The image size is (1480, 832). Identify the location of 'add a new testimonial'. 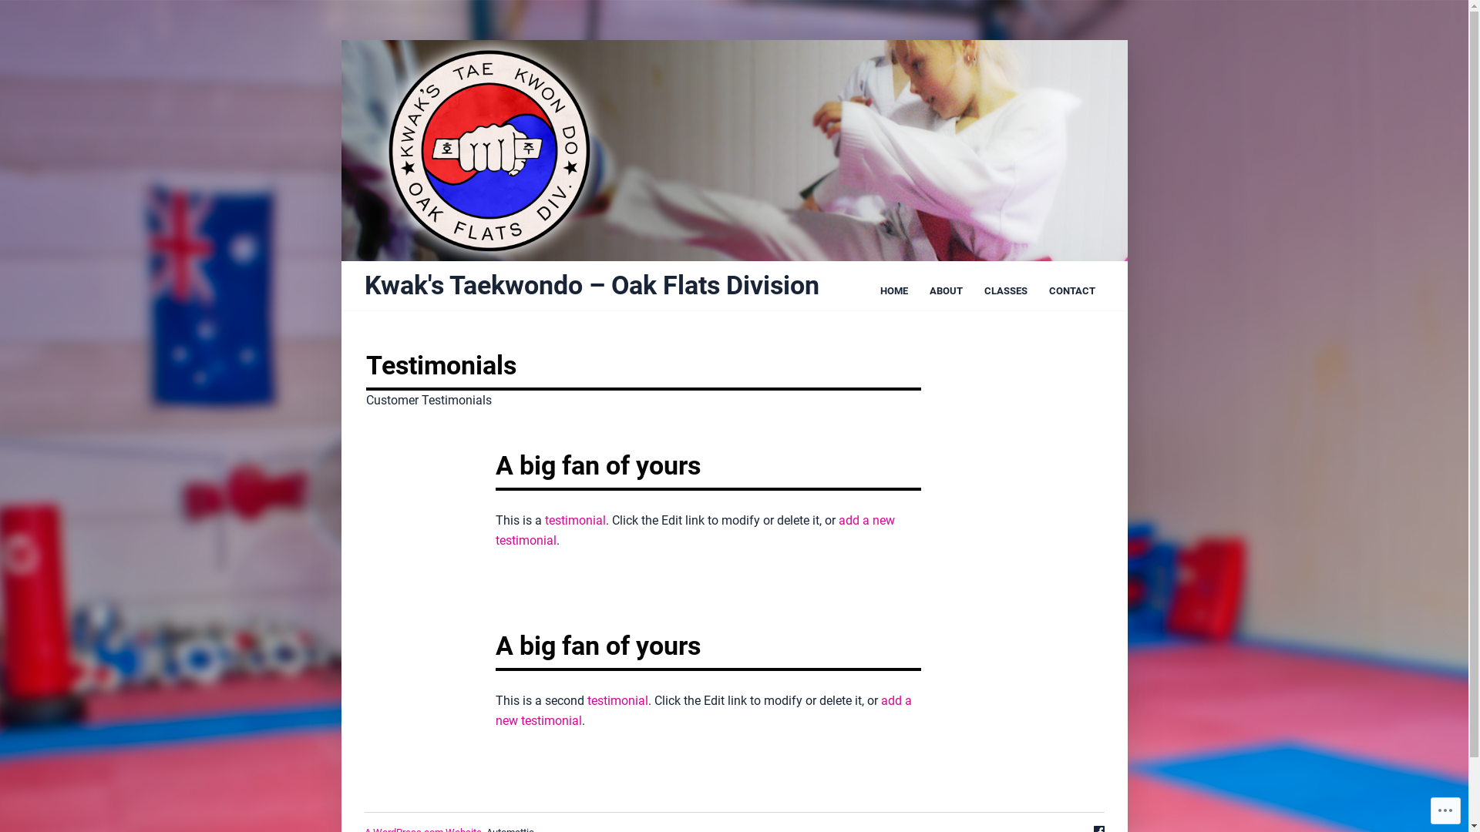
(702, 710).